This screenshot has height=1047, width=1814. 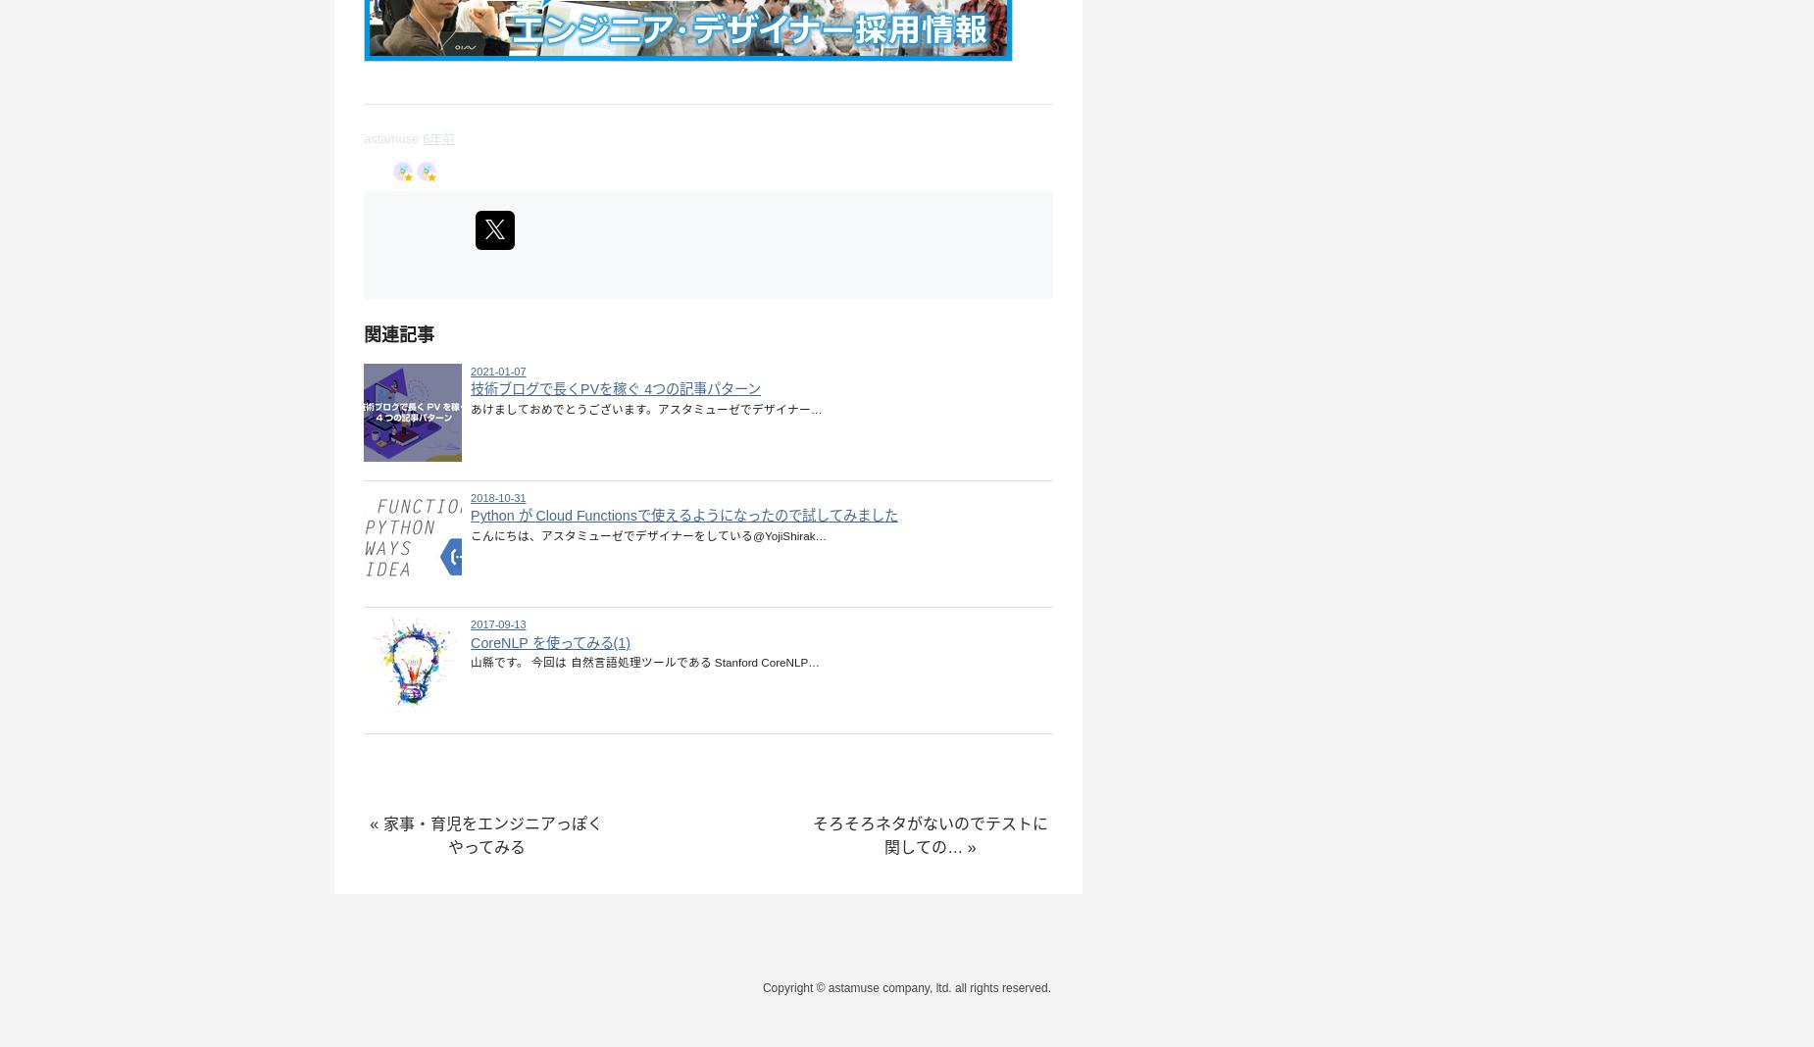 I want to click on 'astamuse', so click(x=362, y=137).